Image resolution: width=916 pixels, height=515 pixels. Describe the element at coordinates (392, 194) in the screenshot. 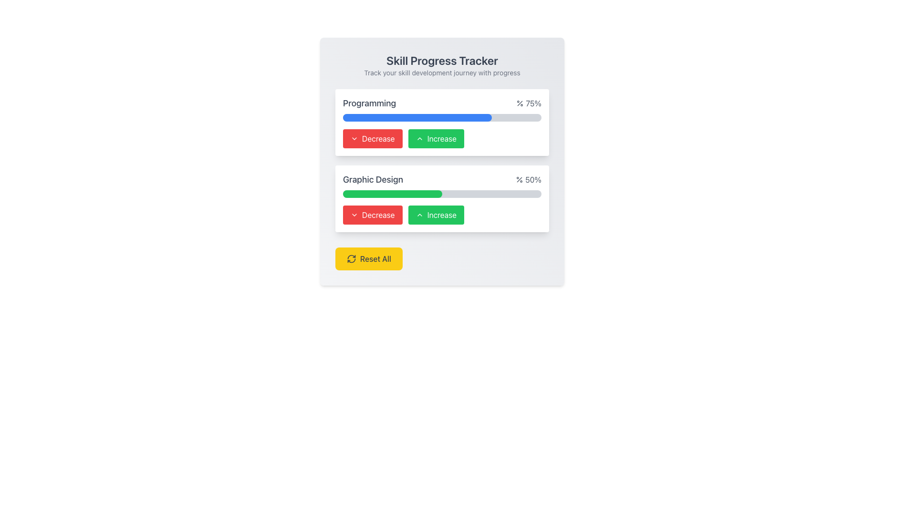

I see `the progress indicator bar representing 50% completion for the 'Graphic Design' skill, located within the second progress tracker` at that location.